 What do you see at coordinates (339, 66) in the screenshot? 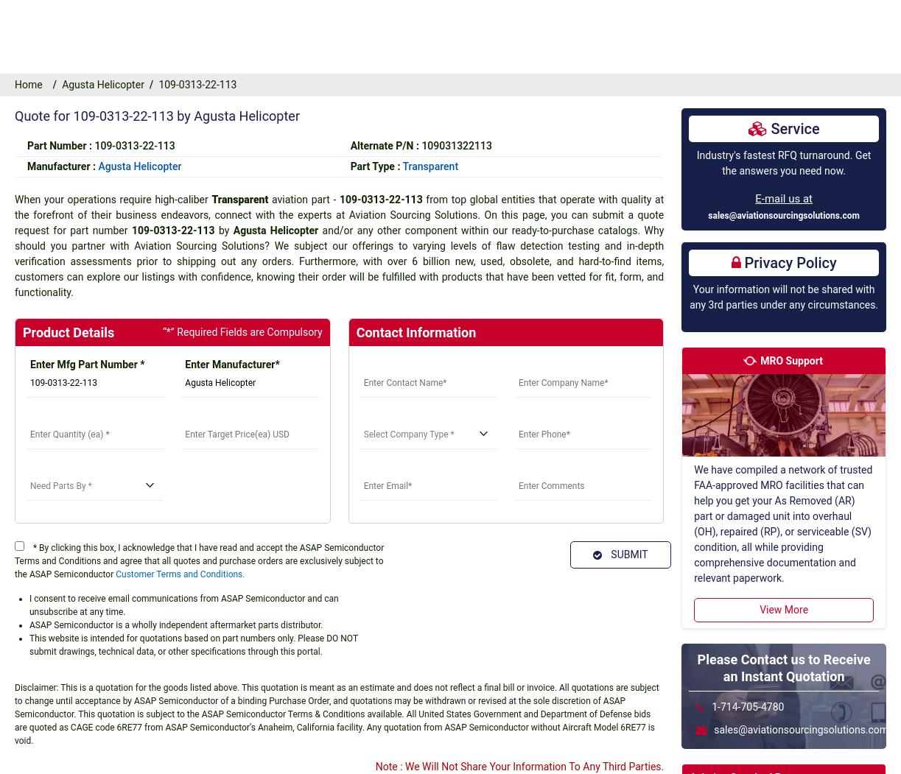
I see `'part number'` at bounding box center [339, 66].